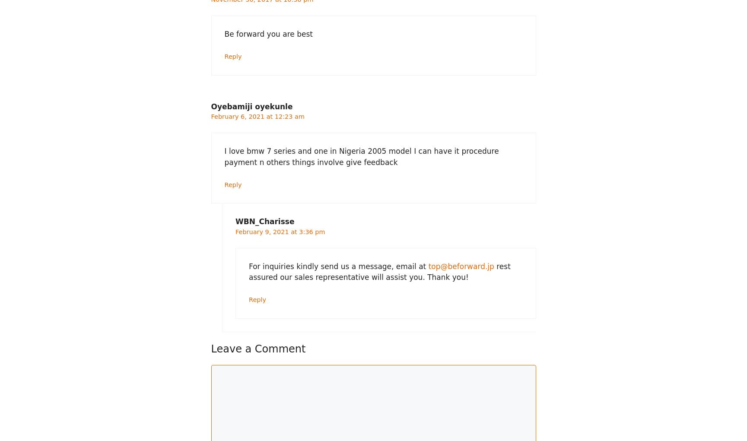 The width and height of the screenshot is (747, 441). Describe the element at coordinates (264, 221) in the screenshot. I see `'WBN_Charisse'` at that location.